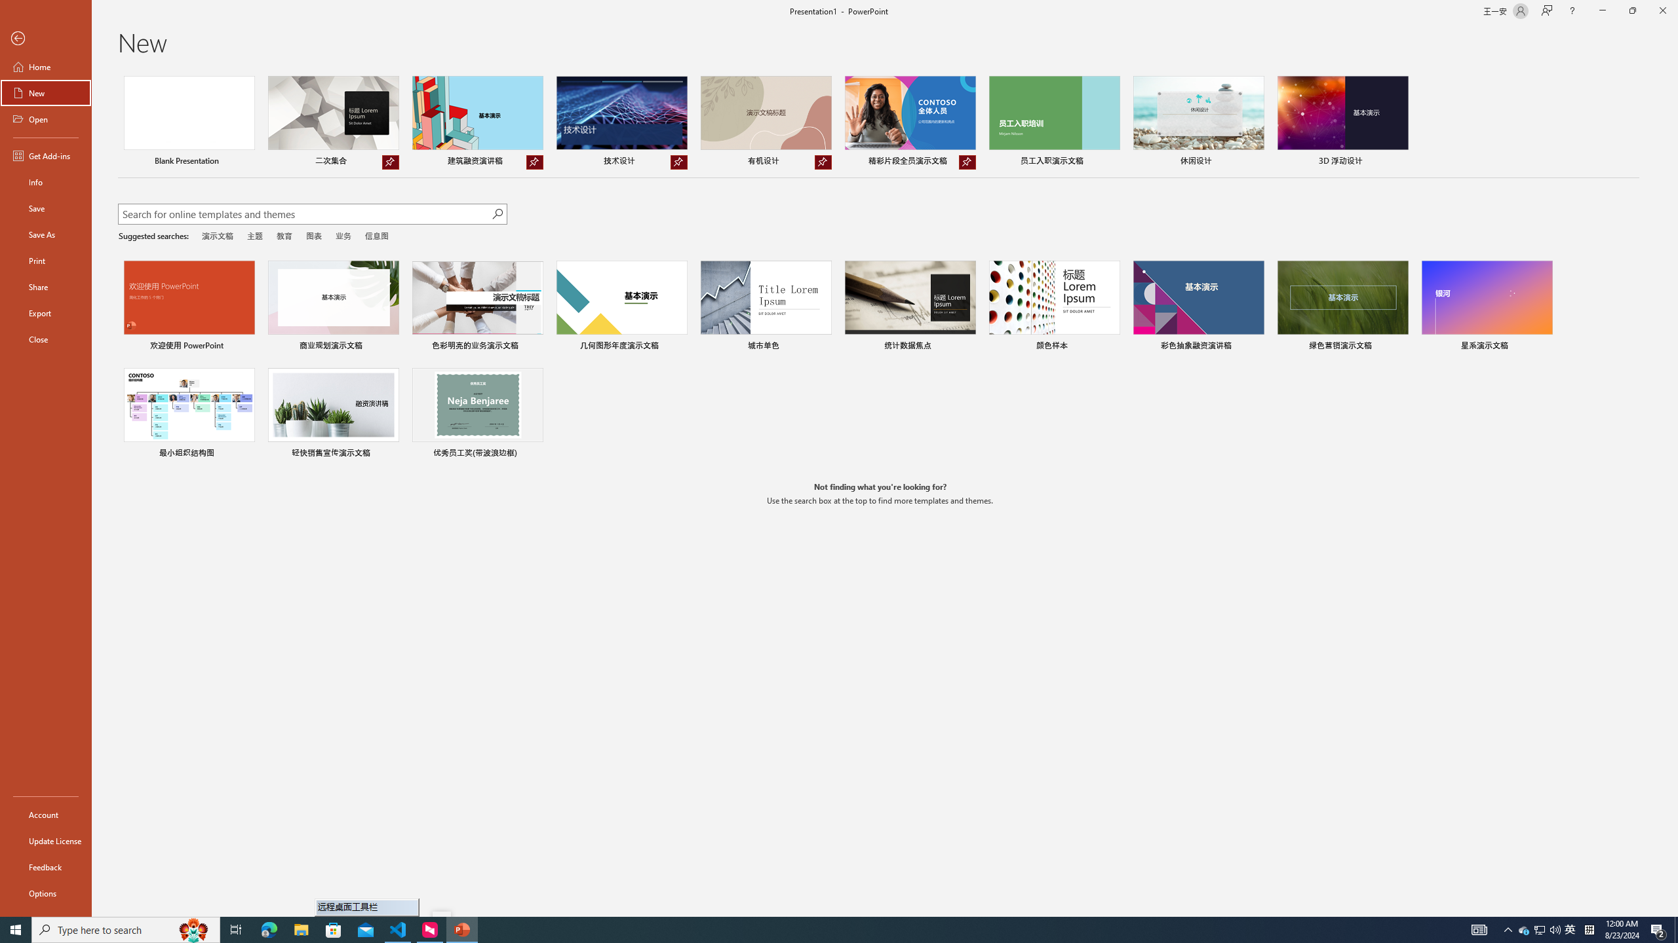 The width and height of the screenshot is (1678, 943). Describe the element at coordinates (45, 893) in the screenshot. I see `'Options'` at that location.